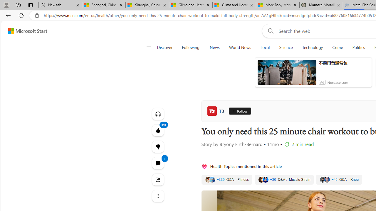 Image resolution: width=376 pixels, height=211 pixels. What do you see at coordinates (158, 130) in the screenshot?
I see `'391 Like'` at bounding box center [158, 130].